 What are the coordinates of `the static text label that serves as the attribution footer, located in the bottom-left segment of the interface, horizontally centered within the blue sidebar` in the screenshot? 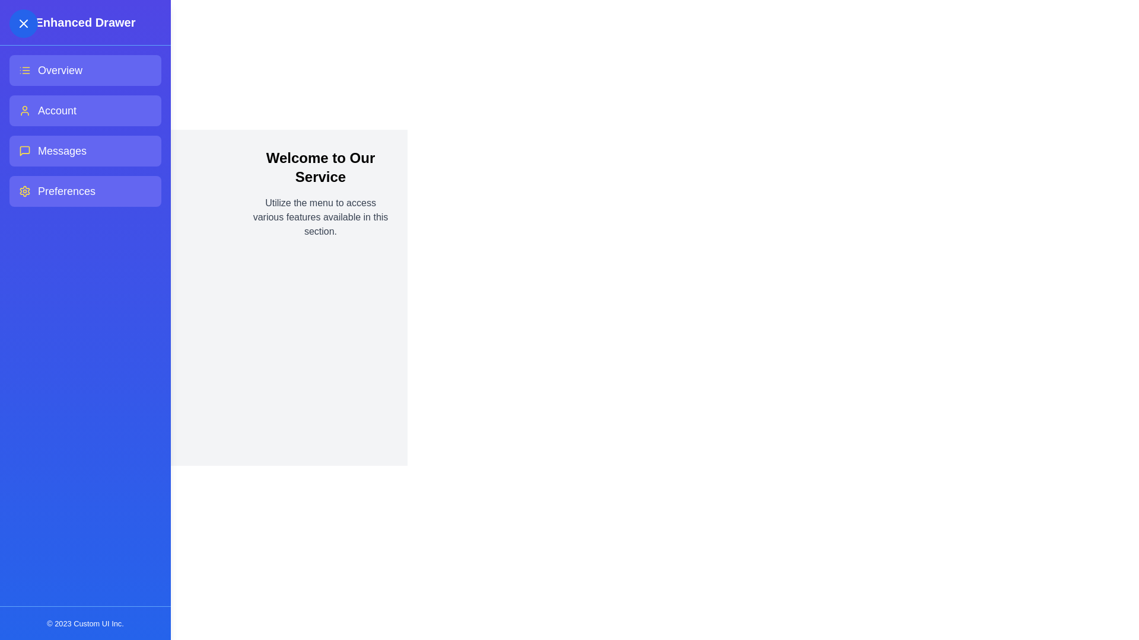 It's located at (85, 623).